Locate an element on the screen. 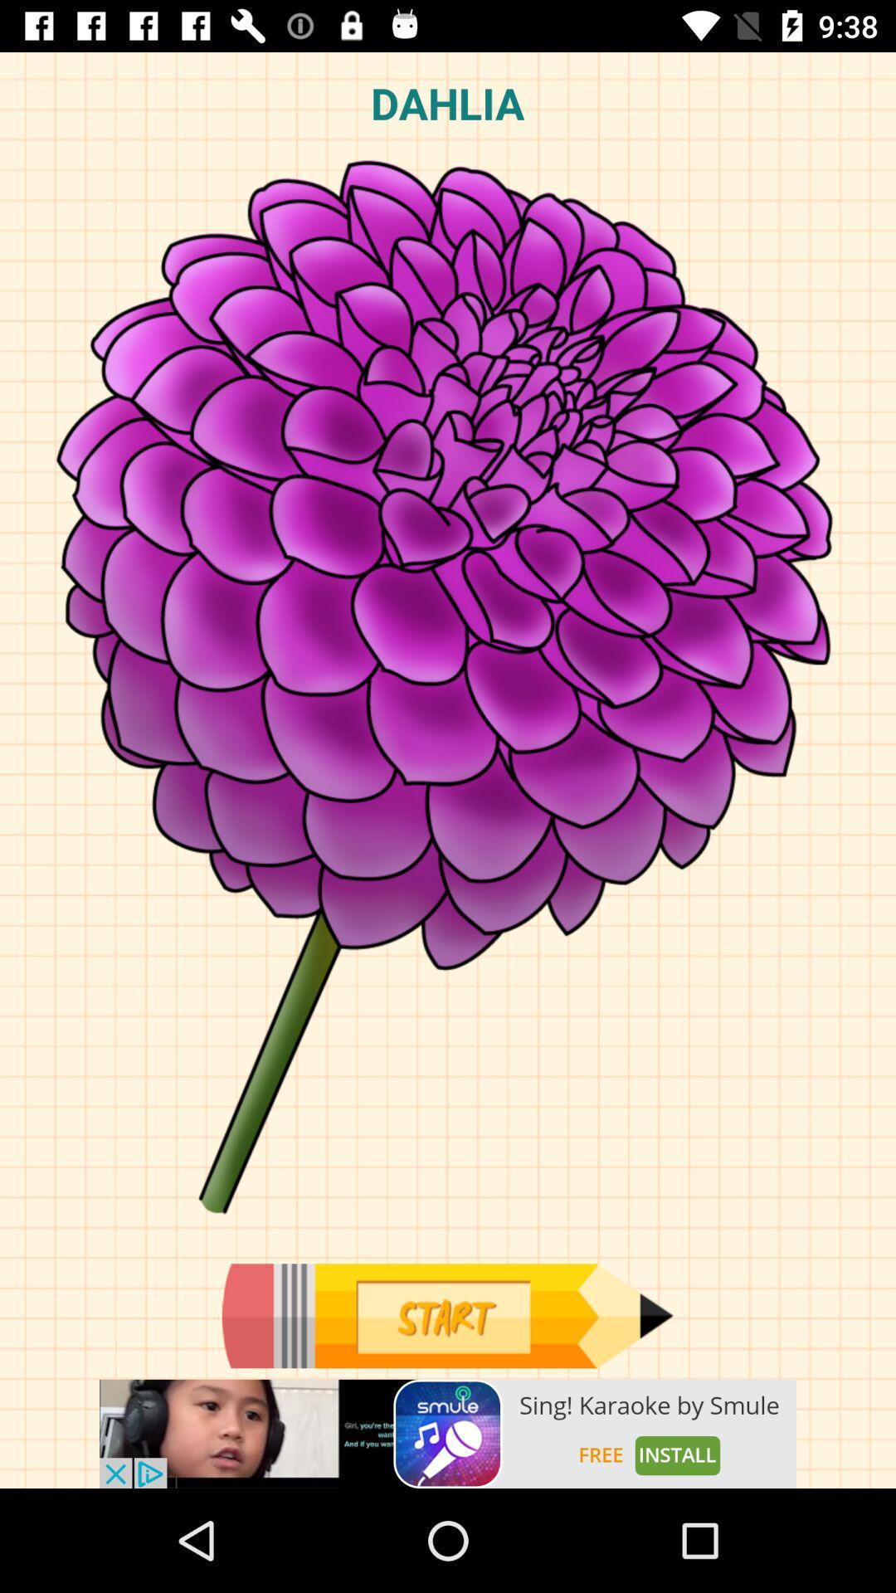 The image size is (896, 1593). start the picture is located at coordinates (446, 1315).